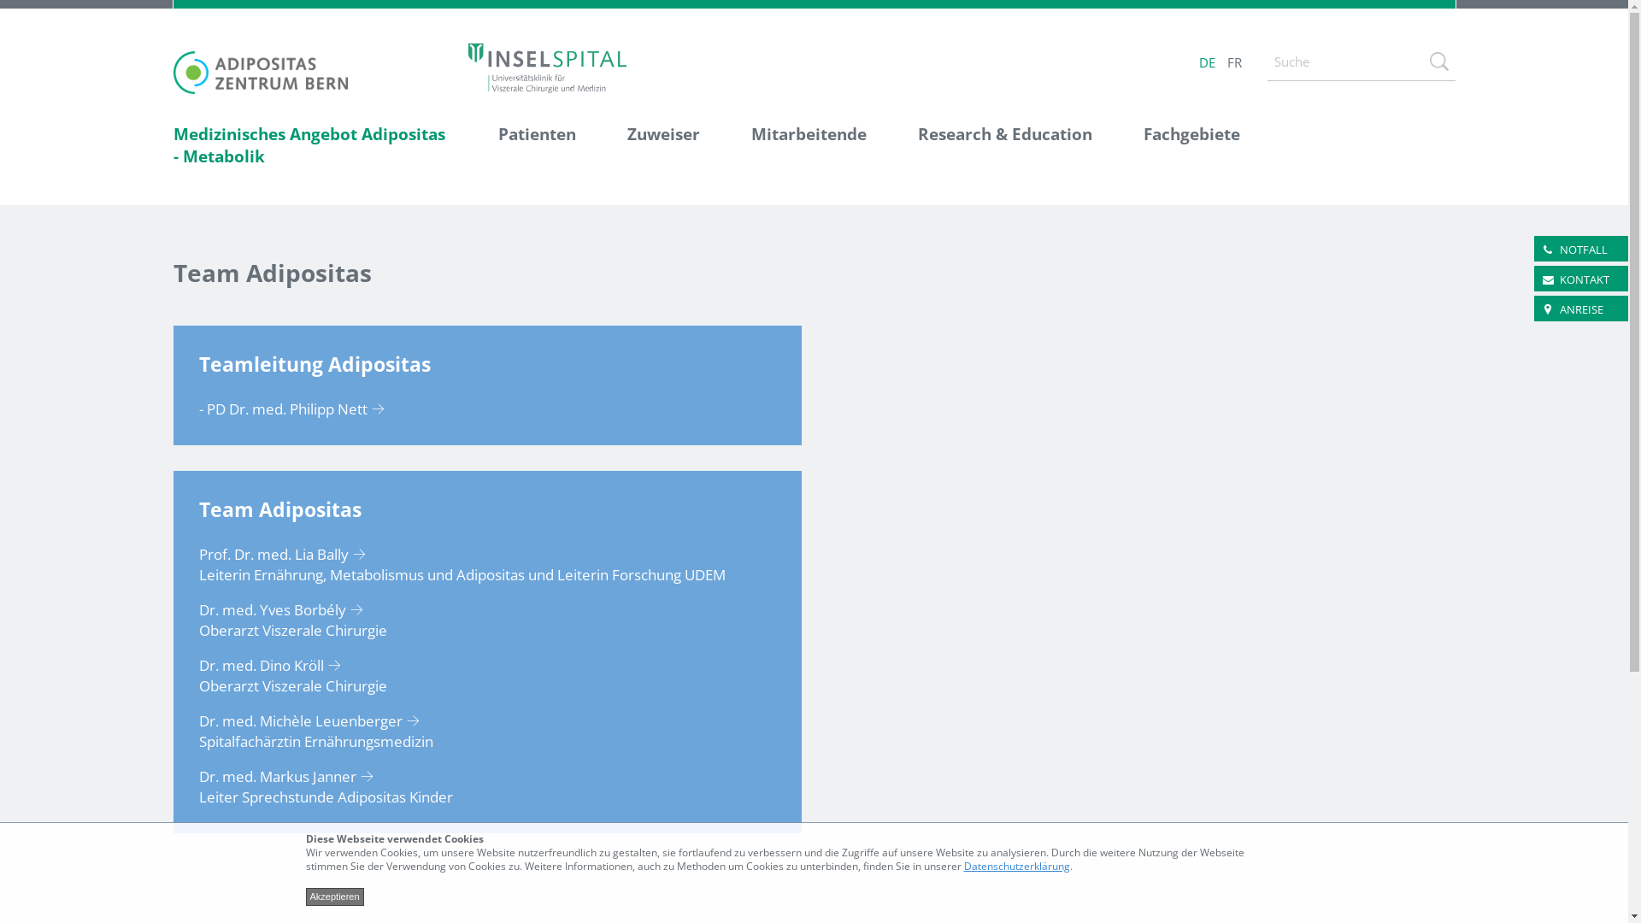  What do you see at coordinates (1559, 309) in the screenshot?
I see `'ANREISE'` at bounding box center [1559, 309].